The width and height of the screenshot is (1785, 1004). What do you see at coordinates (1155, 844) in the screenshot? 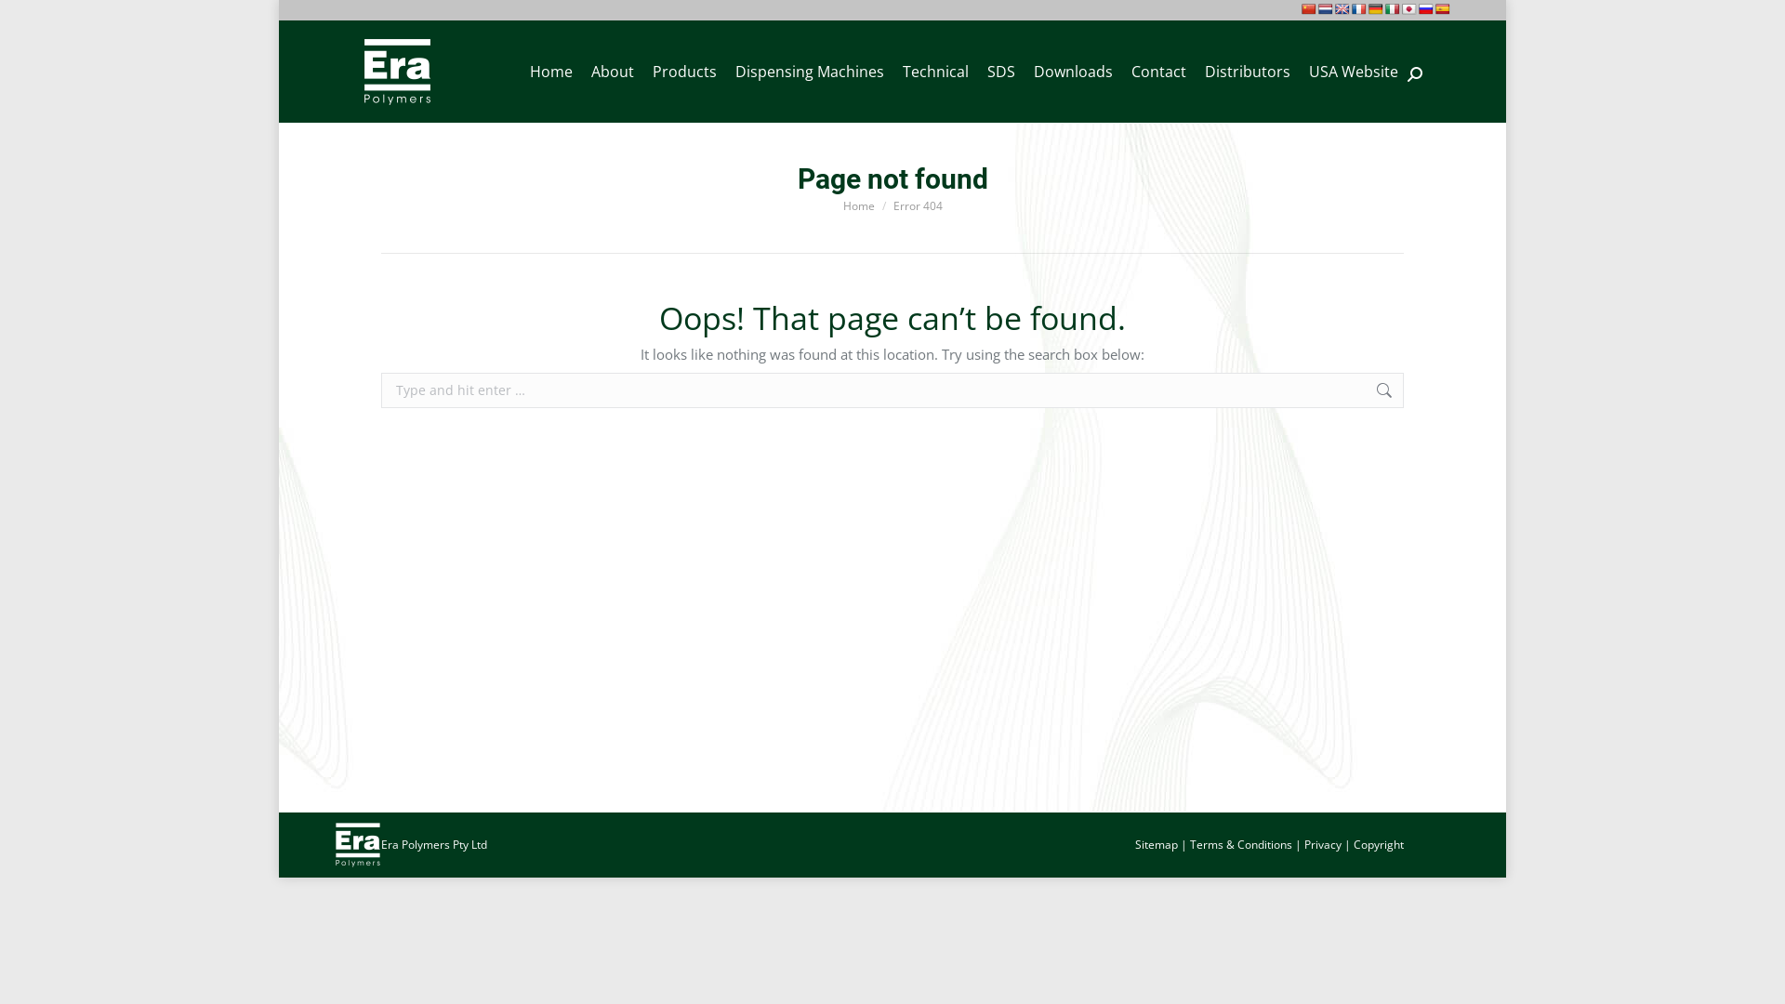
I see `'Sitemap'` at bounding box center [1155, 844].